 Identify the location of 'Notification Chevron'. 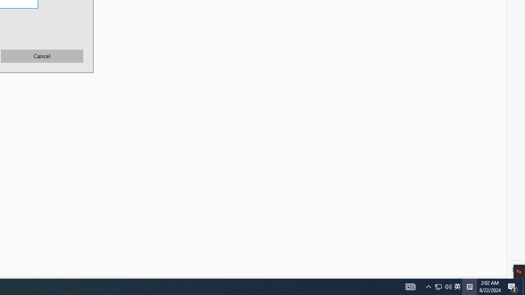
(428, 286).